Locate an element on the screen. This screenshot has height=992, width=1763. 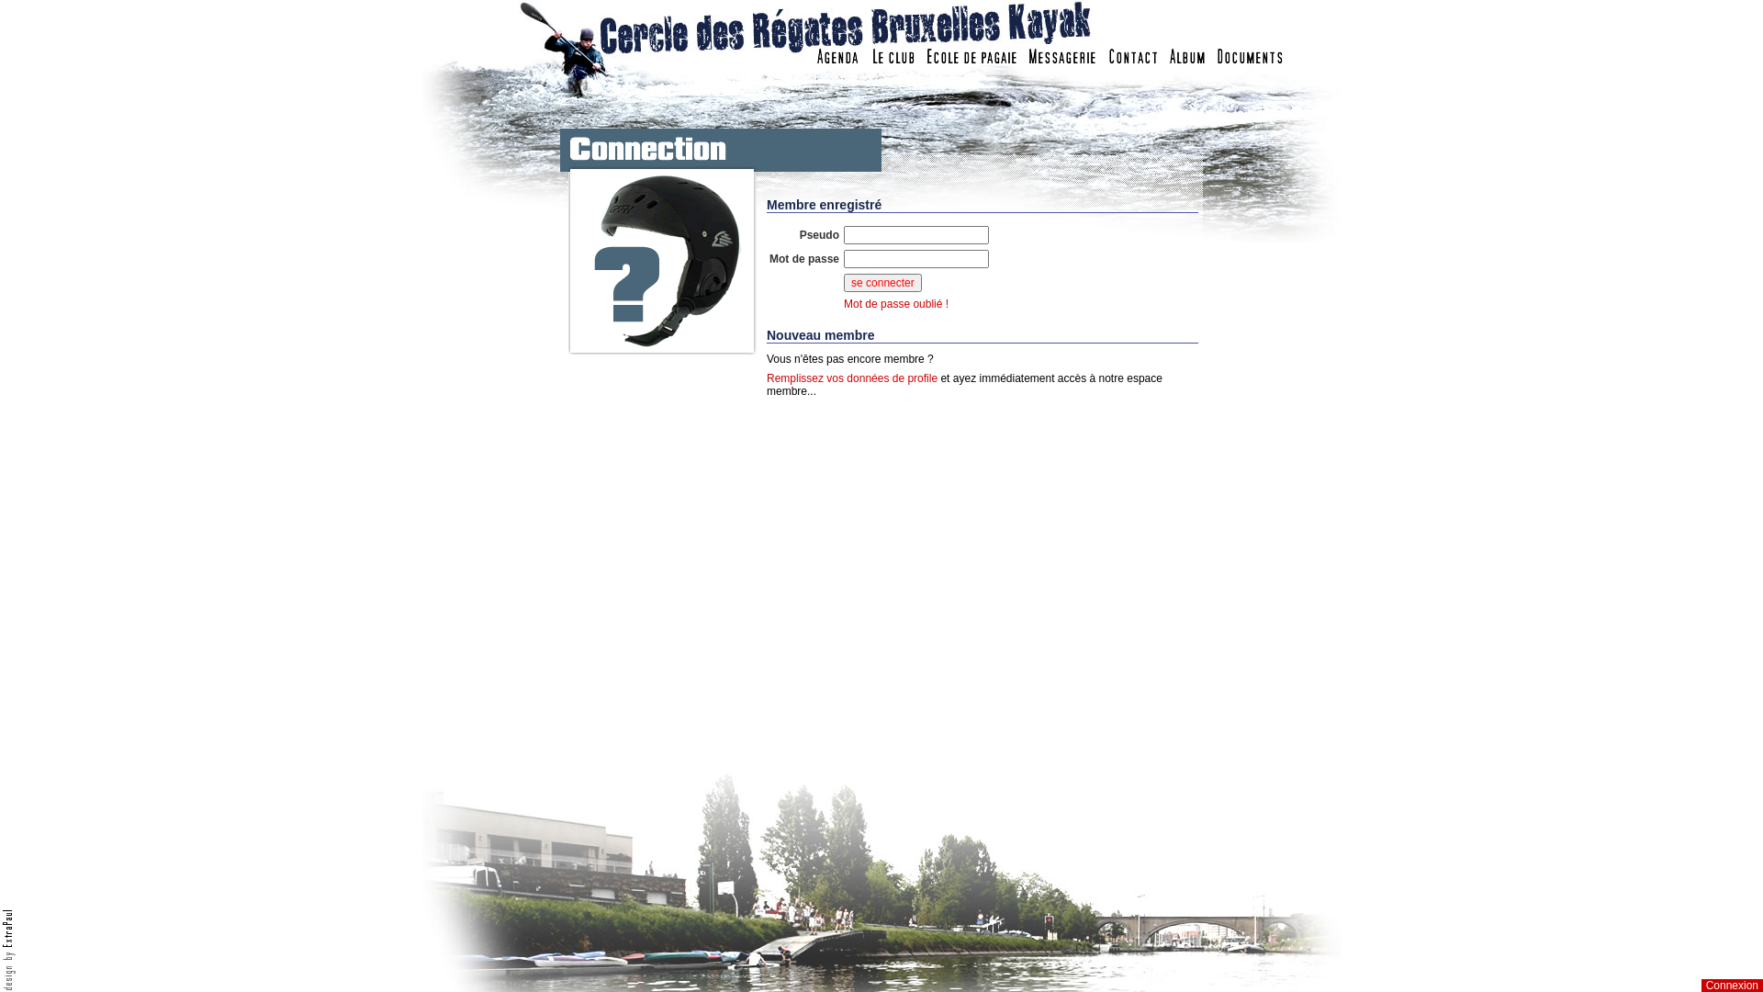
'se connecter' is located at coordinates (882, 283).